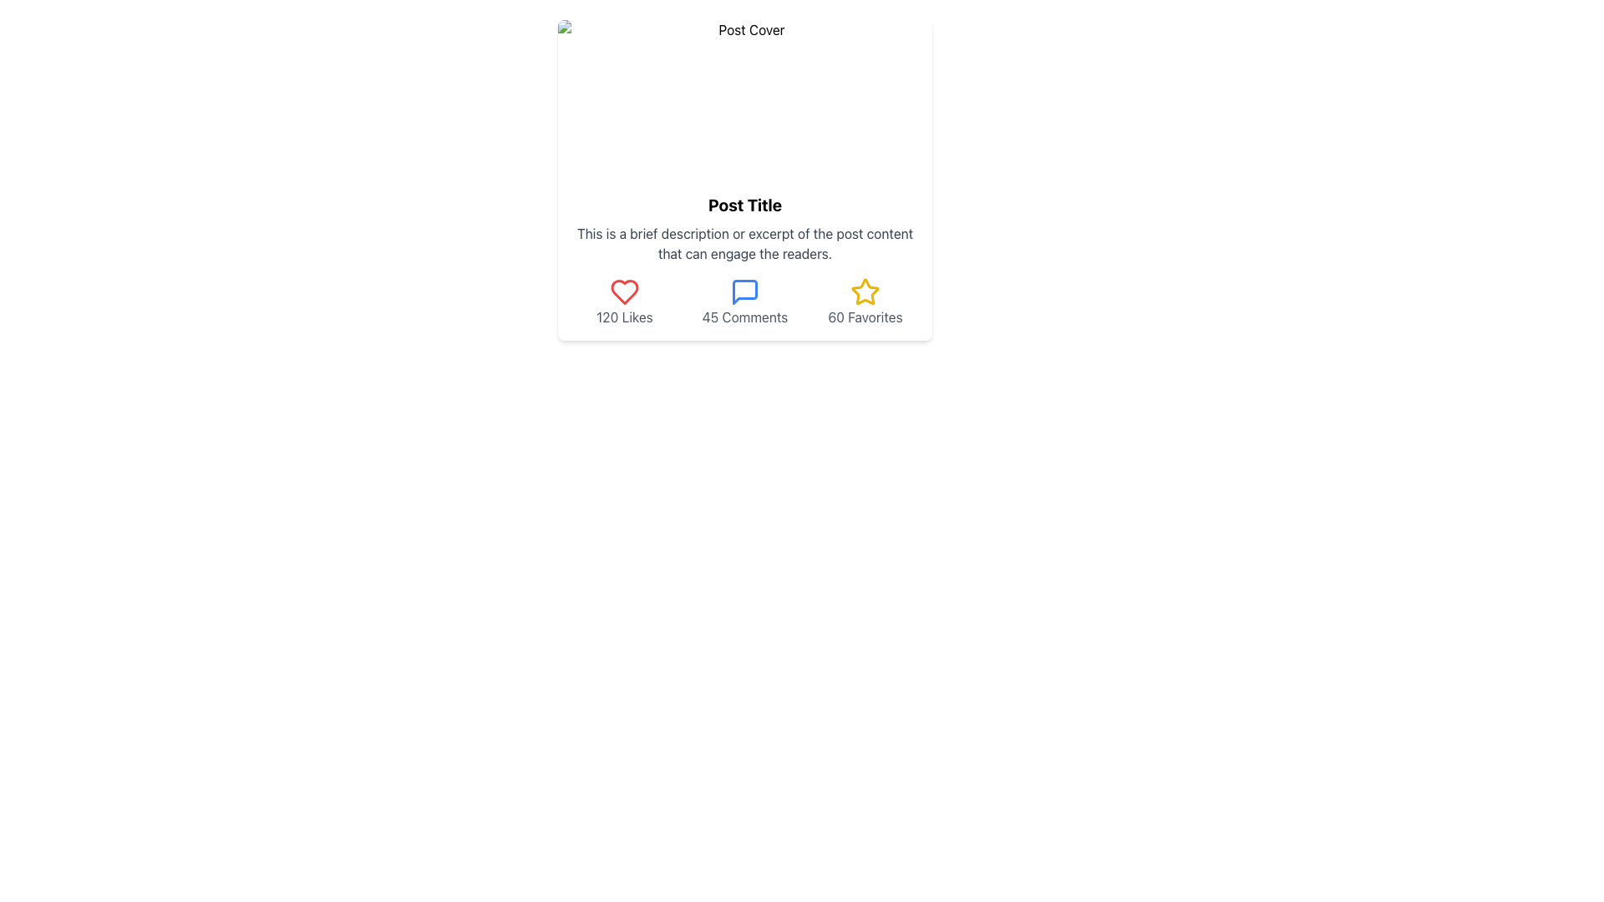 Image resolution: width=1604 pixels, height=902 pixels. What do you see at coordinates (744, 302) in the screenshot?
I see `the comments button located in the row of three elements, positioned between '120 Likes' and '60 Favorites'` at bounding box center [744, 302].